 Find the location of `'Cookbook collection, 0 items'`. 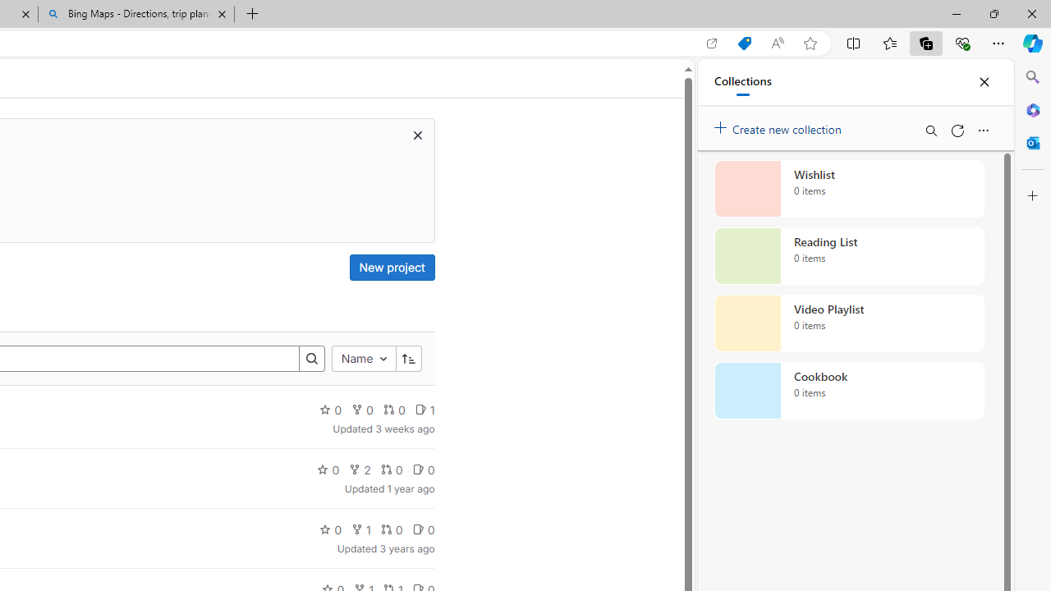

'Cookbook collection, 0 items' is located at coordinates (849, 390).